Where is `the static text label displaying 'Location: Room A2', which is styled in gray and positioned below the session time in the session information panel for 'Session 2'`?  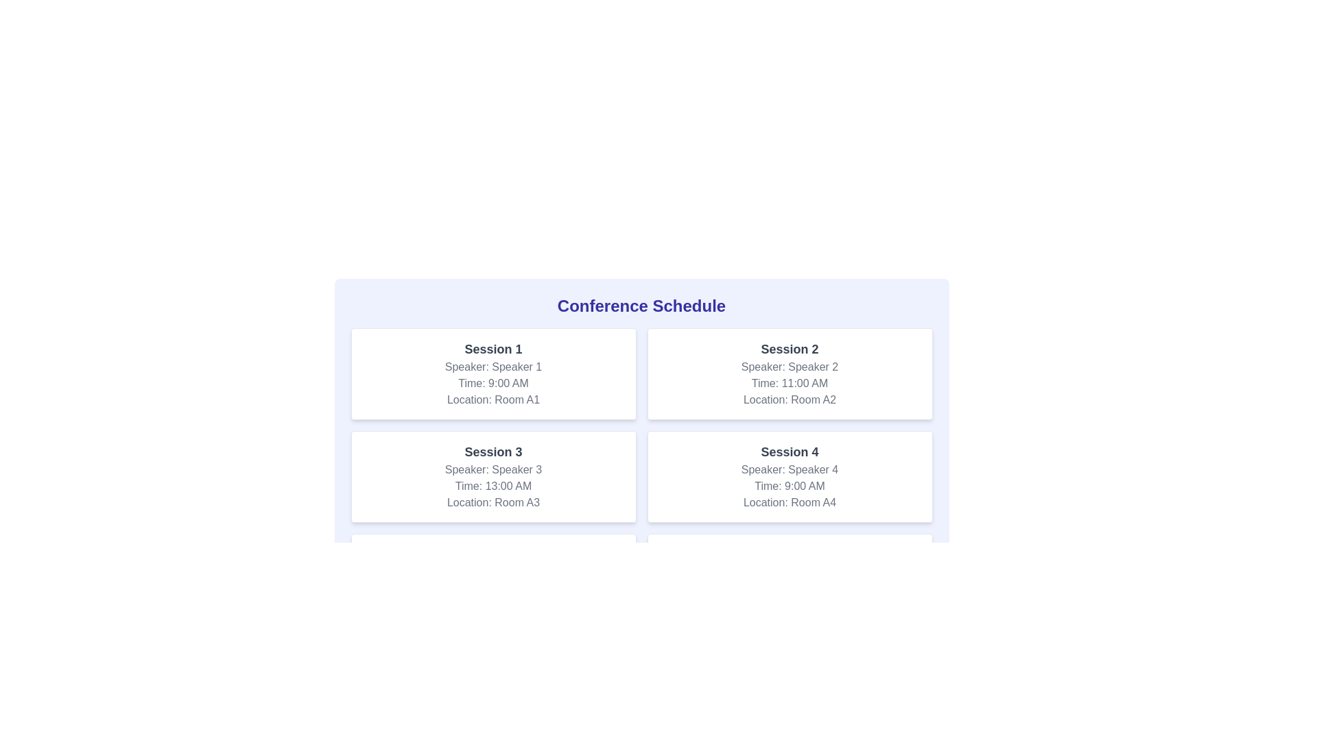
the static text label displaying 'Location: Room A2', which is styled in gray and positioned below the session time in the session information panel for 'Session 2' is located at coordinates (790, 399).